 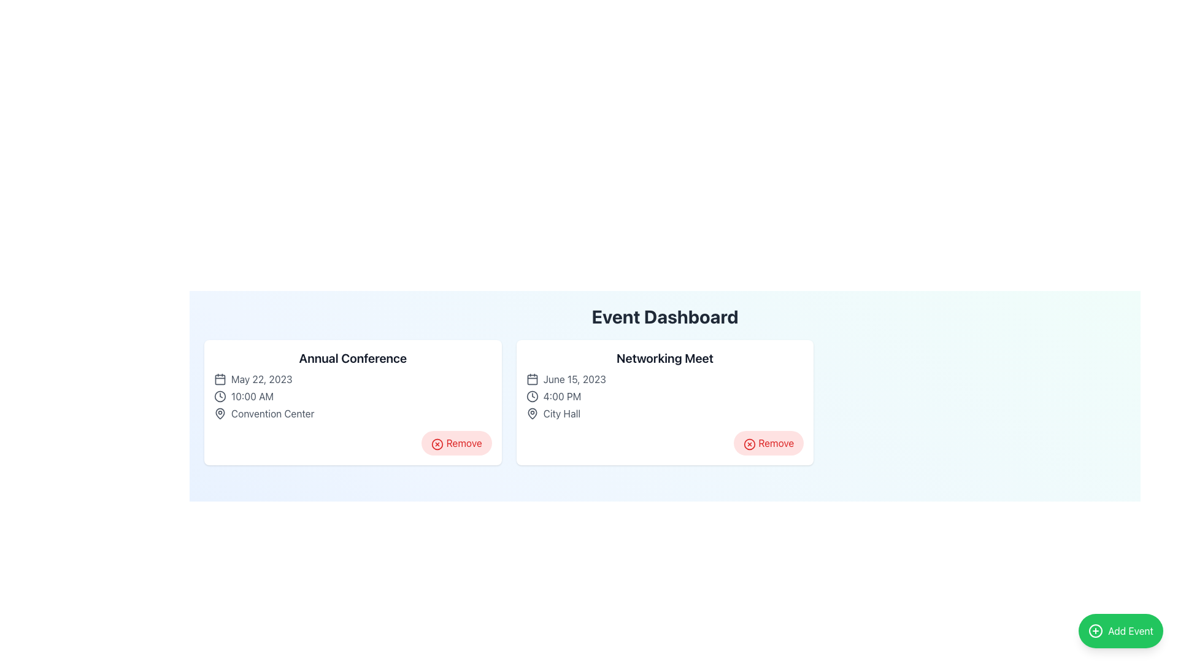 I want to click on text label displaying the date associated with the 'Annual Conference' event, which is located to the right of the calendar icon within the event card titled 'Annual Conference', so click(x=261, y=378).